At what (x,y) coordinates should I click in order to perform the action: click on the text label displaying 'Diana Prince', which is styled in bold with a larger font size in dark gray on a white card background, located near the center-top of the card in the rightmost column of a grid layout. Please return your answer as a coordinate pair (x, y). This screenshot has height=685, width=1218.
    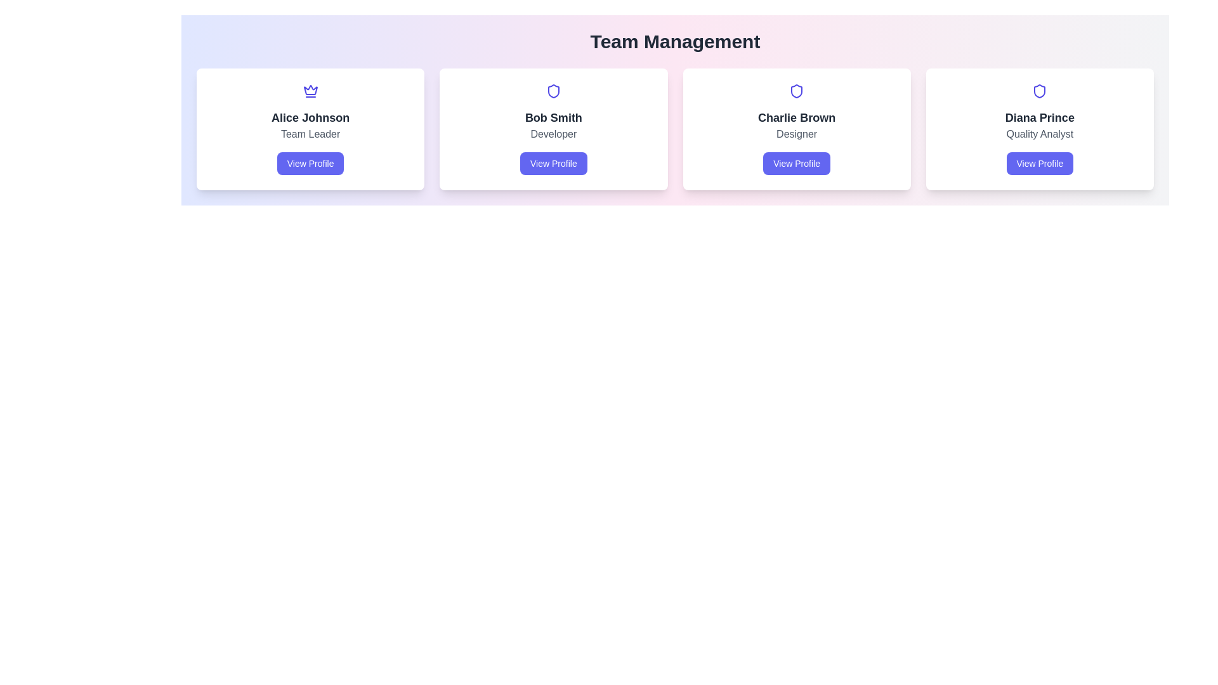
    Looking at the image, I should click on (1040, 117).